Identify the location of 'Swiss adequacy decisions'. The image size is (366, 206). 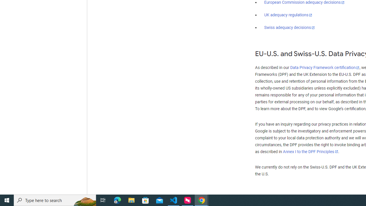
(290, 27).